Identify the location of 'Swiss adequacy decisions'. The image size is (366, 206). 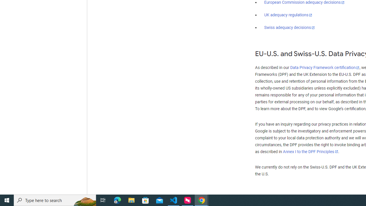
(290, 27).